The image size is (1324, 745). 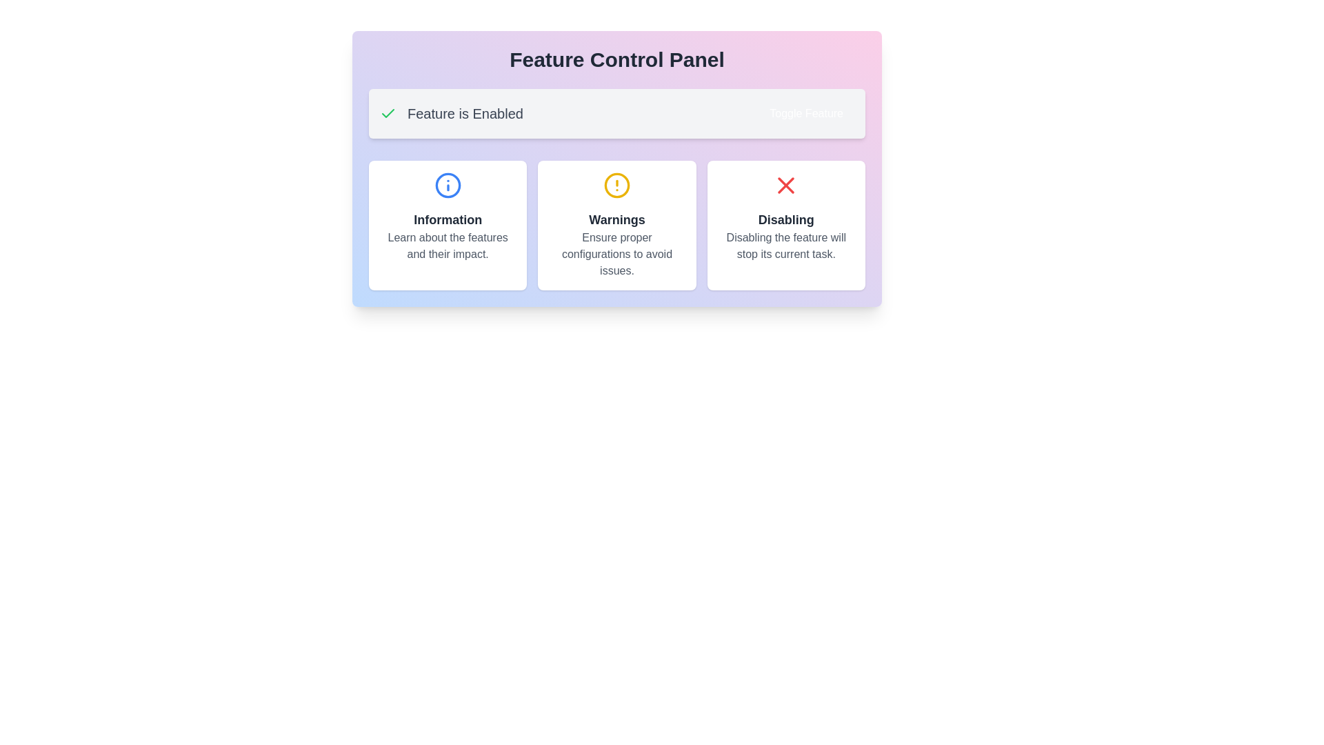 I want to click on the check mark icon that indicates a selected state for the 'Feature is Enabled' checkbox, so click(x=387, y=112).